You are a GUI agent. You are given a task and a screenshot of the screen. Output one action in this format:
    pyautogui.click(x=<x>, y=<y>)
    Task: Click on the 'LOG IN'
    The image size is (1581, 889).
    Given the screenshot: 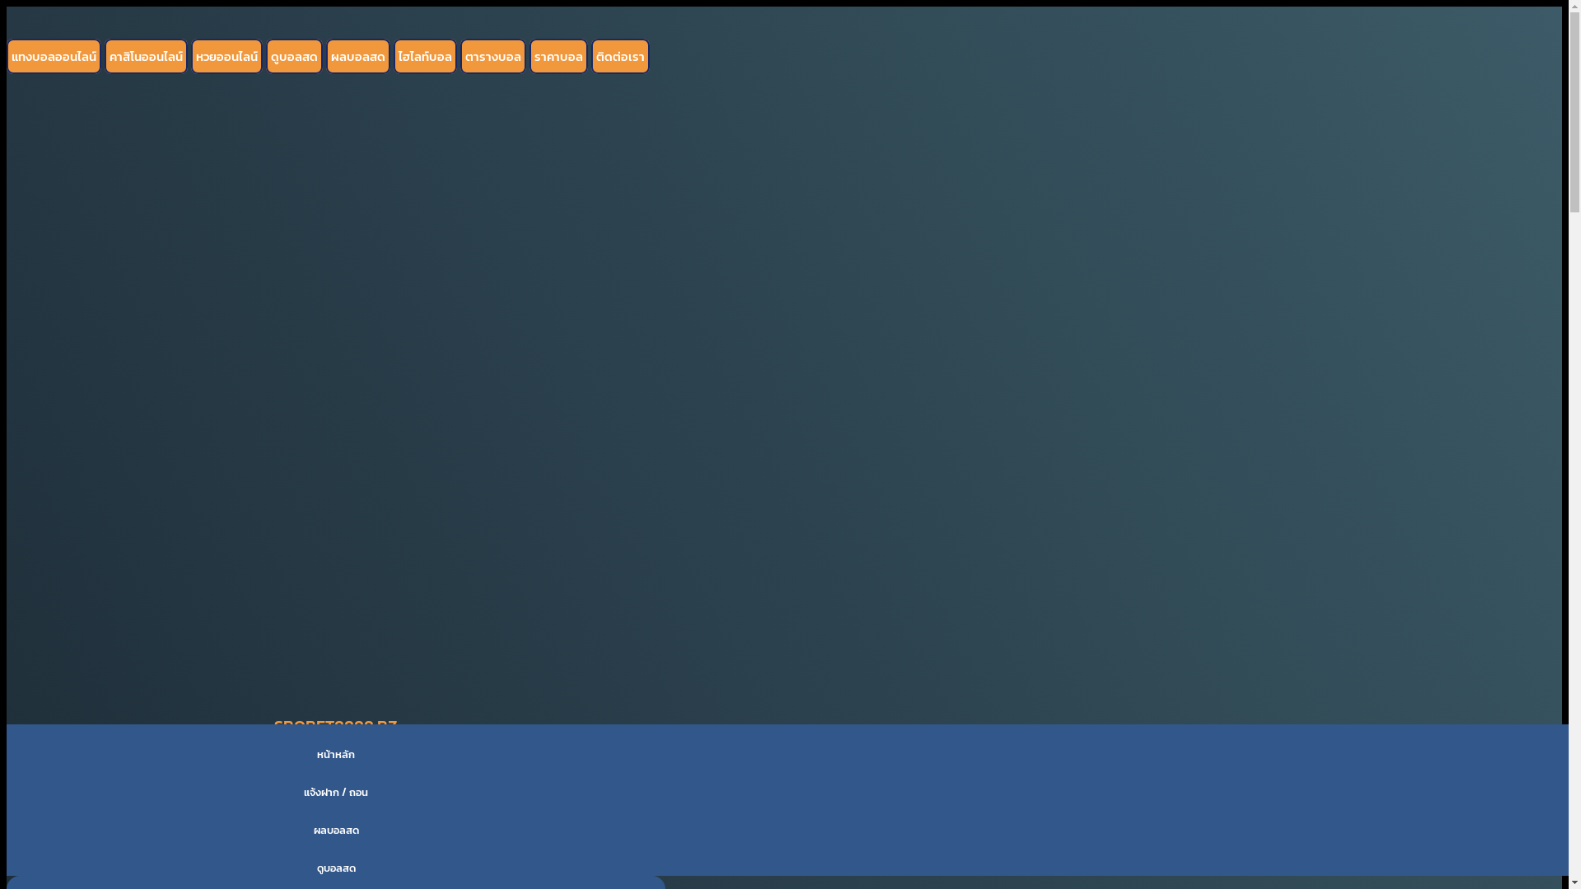 What is the action you would take?
    pyautogui.click(x=335, y=820)
    